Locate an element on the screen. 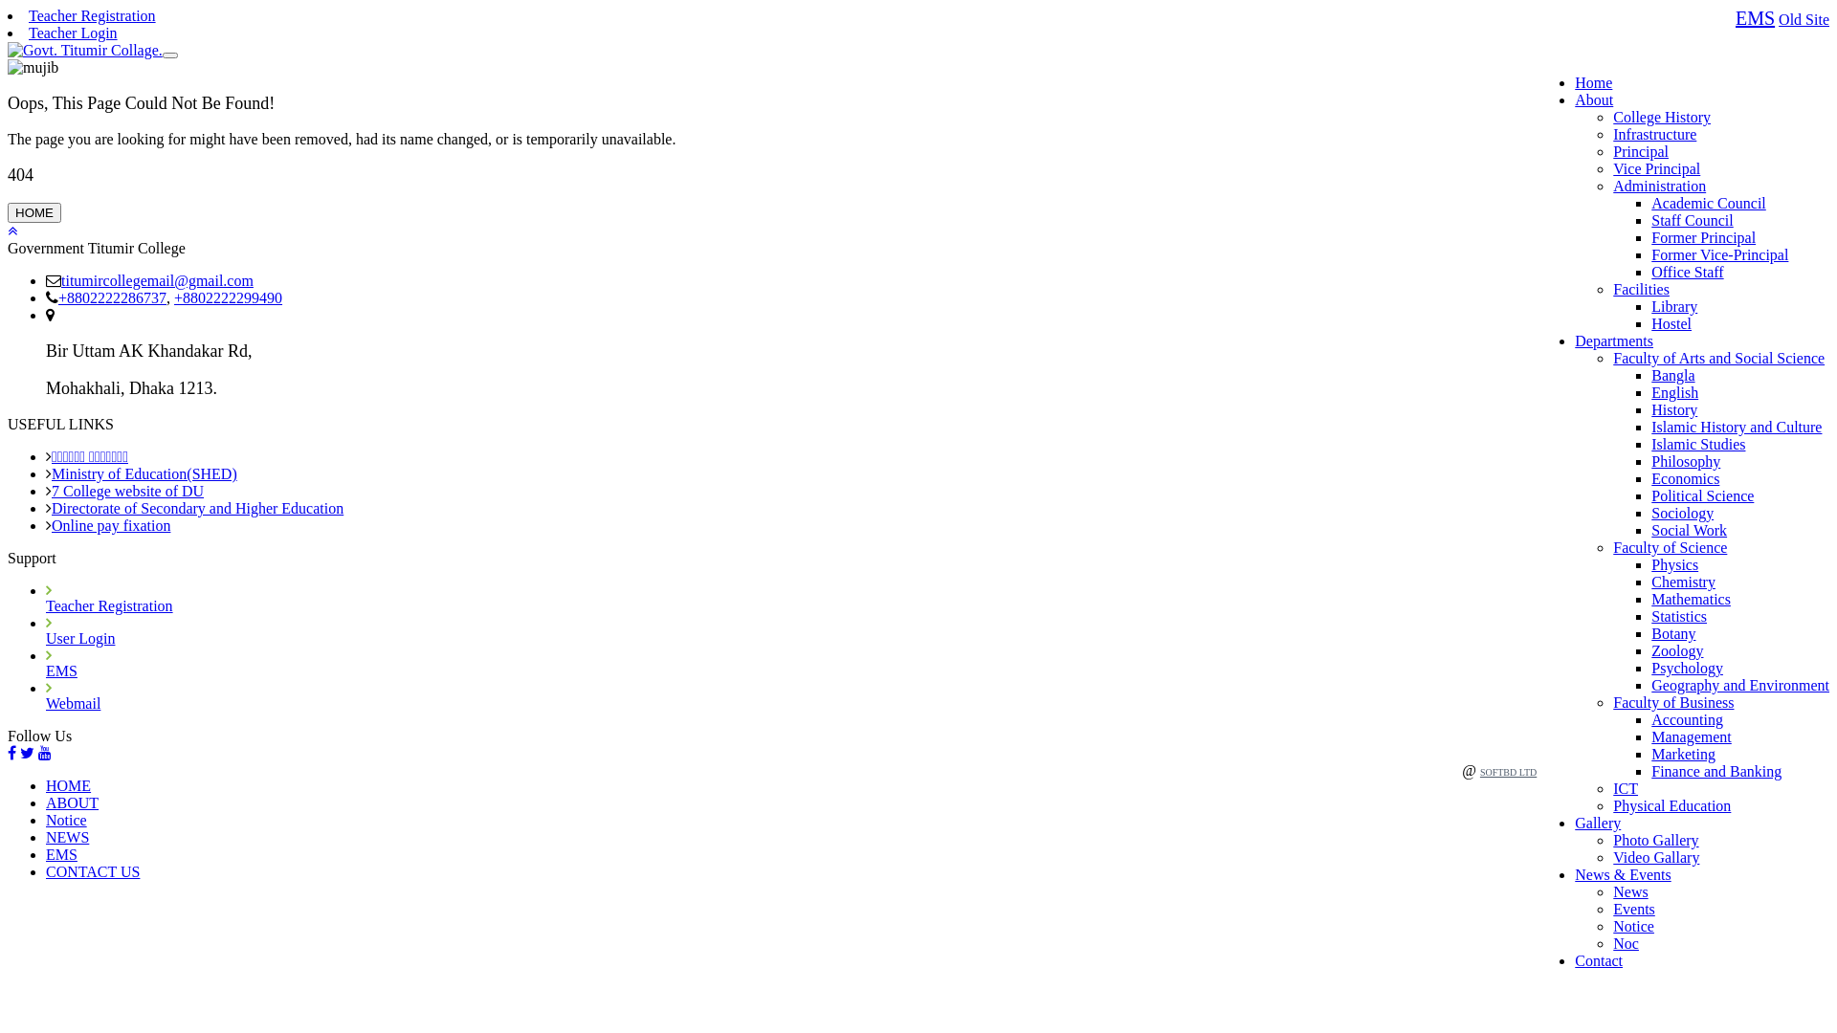  'Faculty of Arts and Social Science' is located at coordinates (1611, 358).